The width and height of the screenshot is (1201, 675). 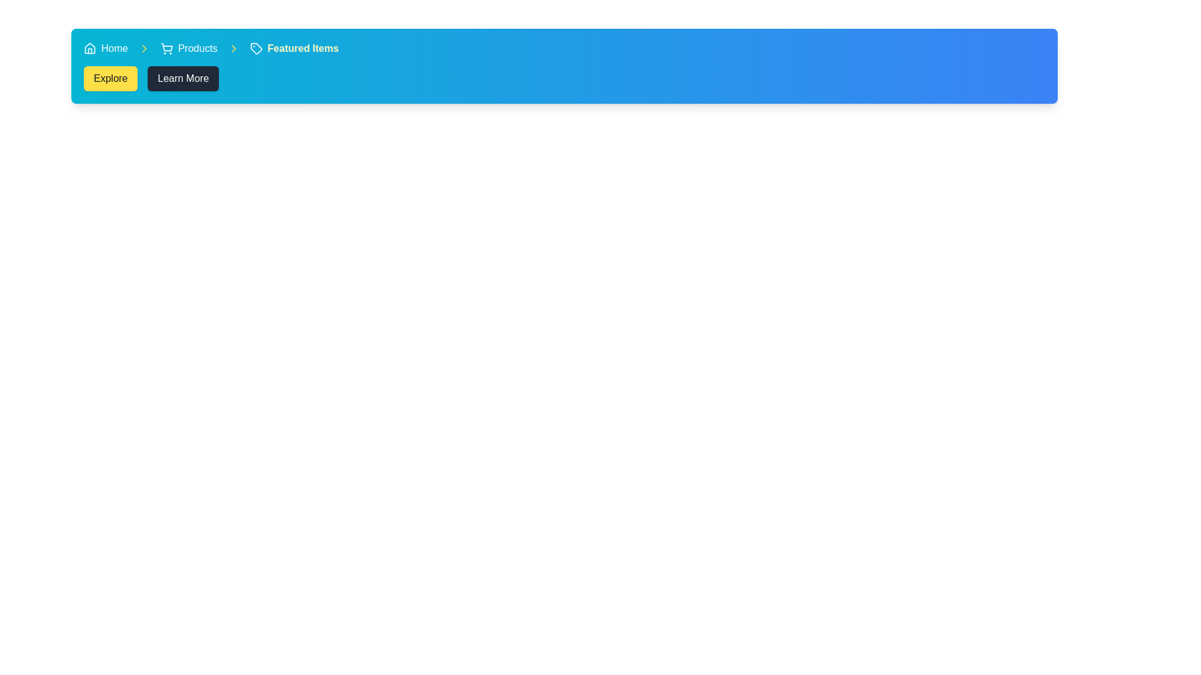 I want to click on the 'Home' SVG icon located at the far-left side of the breadcrumb navigation bar, so click(x=89, y=47).